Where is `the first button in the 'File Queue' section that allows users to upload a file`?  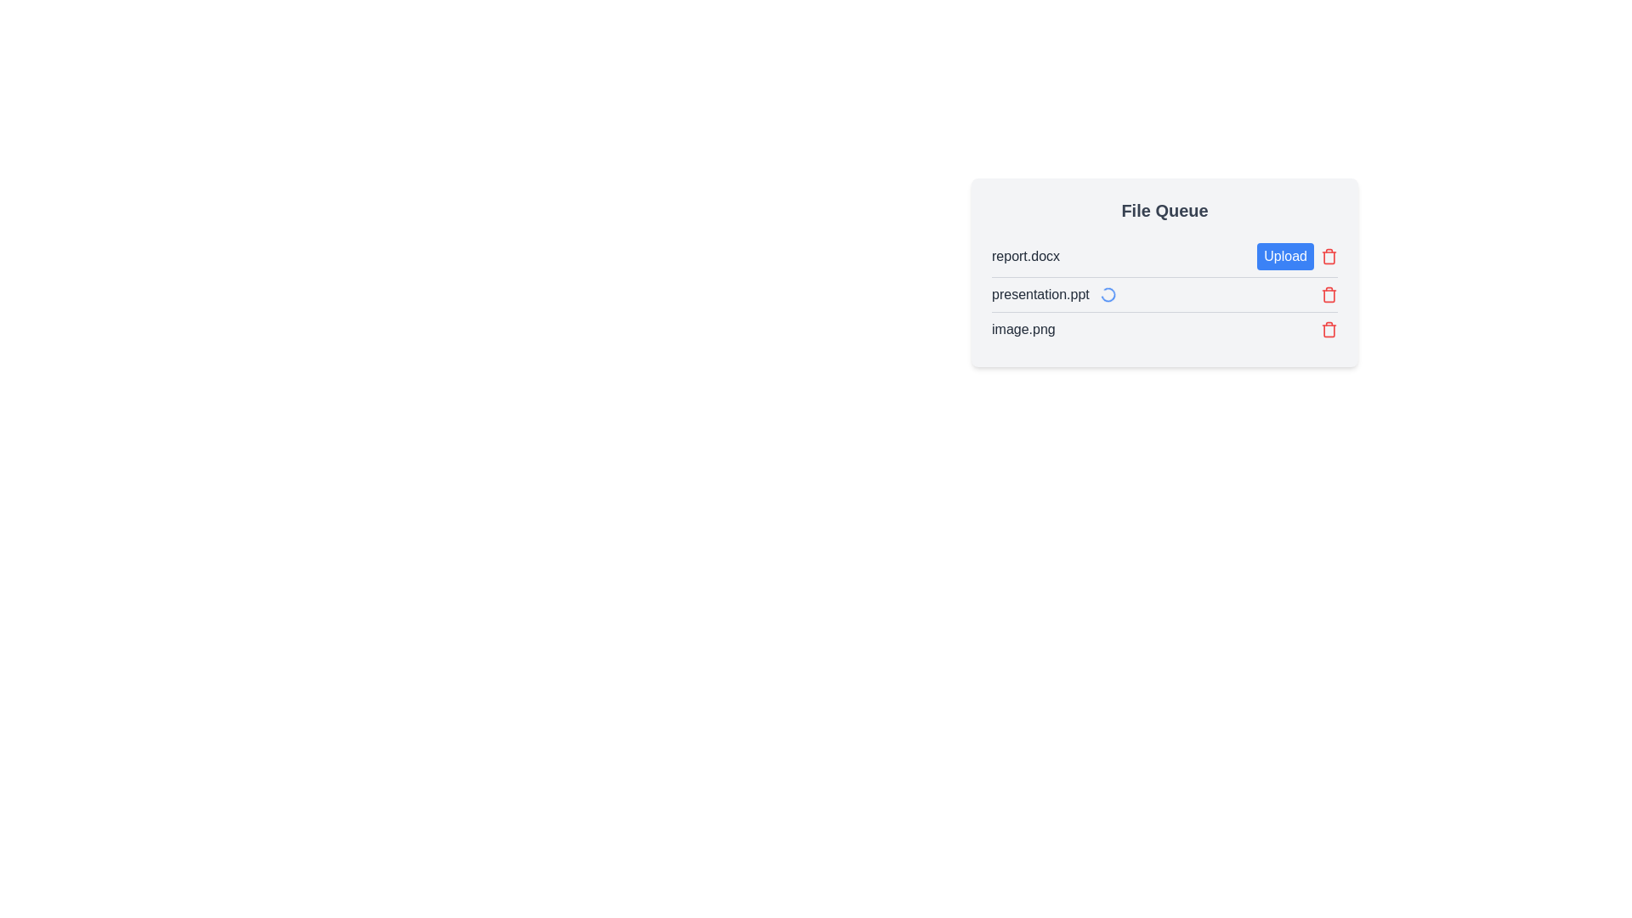 the first button in the 'File Queue' section that allows users to upload a file is located at coordinates (1285, 256).